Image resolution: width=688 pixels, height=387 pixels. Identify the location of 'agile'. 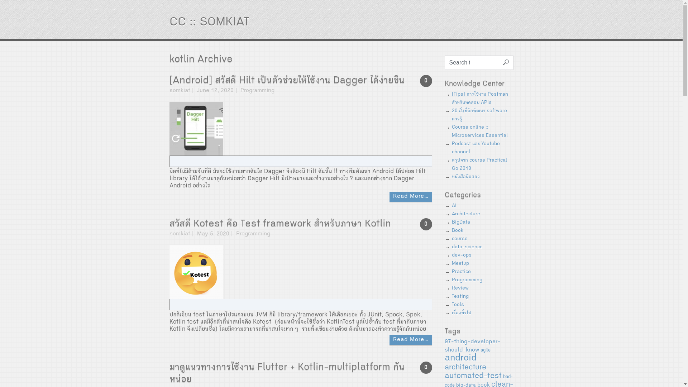
(485, 350).